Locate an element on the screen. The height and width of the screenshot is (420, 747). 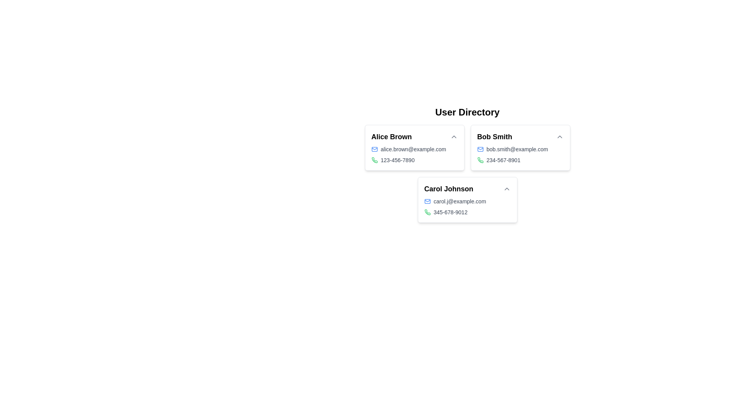
the email link in the information card for 'Alice Brown', which is styled in white with a bold black header and contains the email address 'alice.brown@example.com' with a blue mail icon is located at coordinates (414, 148).